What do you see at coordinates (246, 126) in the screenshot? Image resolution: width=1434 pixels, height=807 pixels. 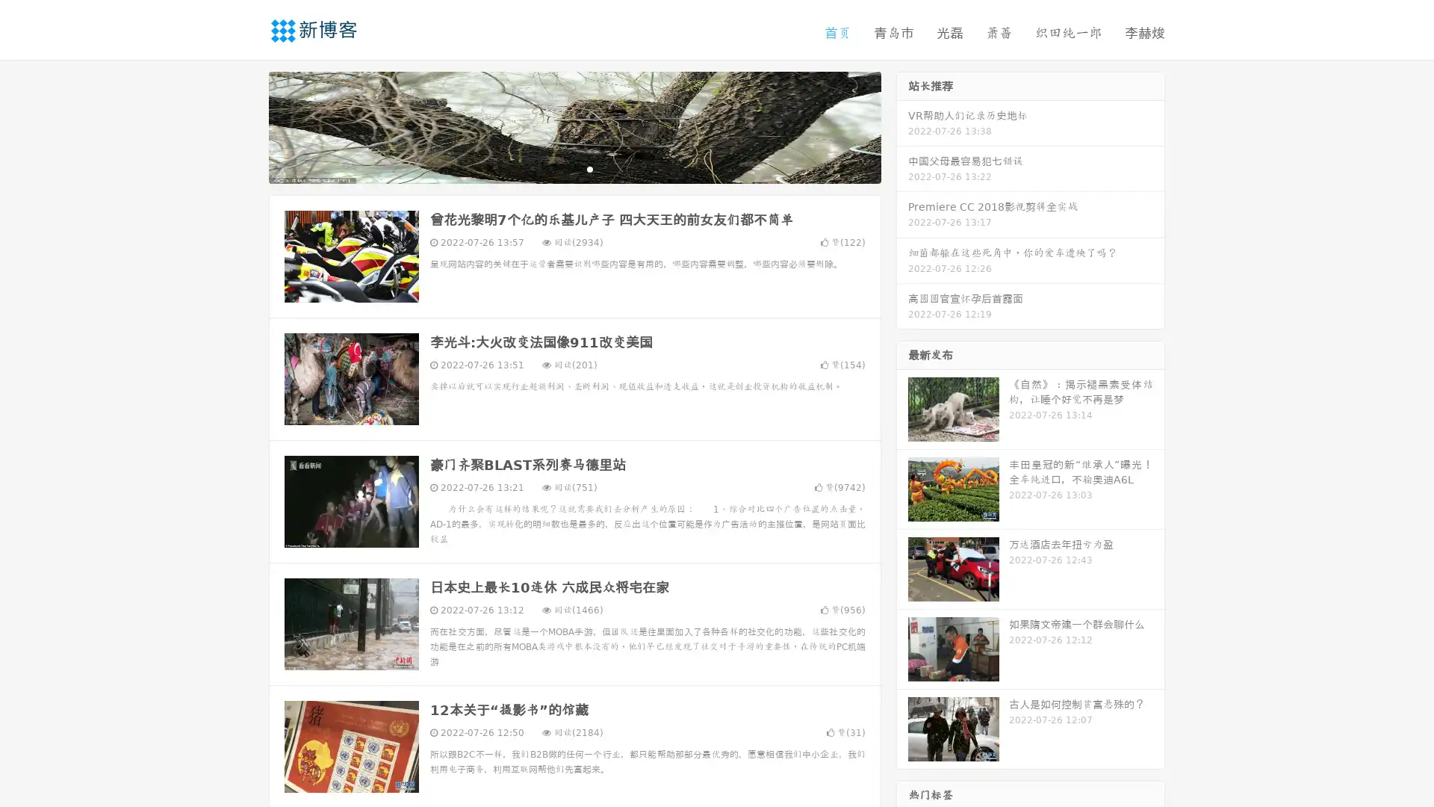 I see `Previous slide` at bounding box center [246, 126].